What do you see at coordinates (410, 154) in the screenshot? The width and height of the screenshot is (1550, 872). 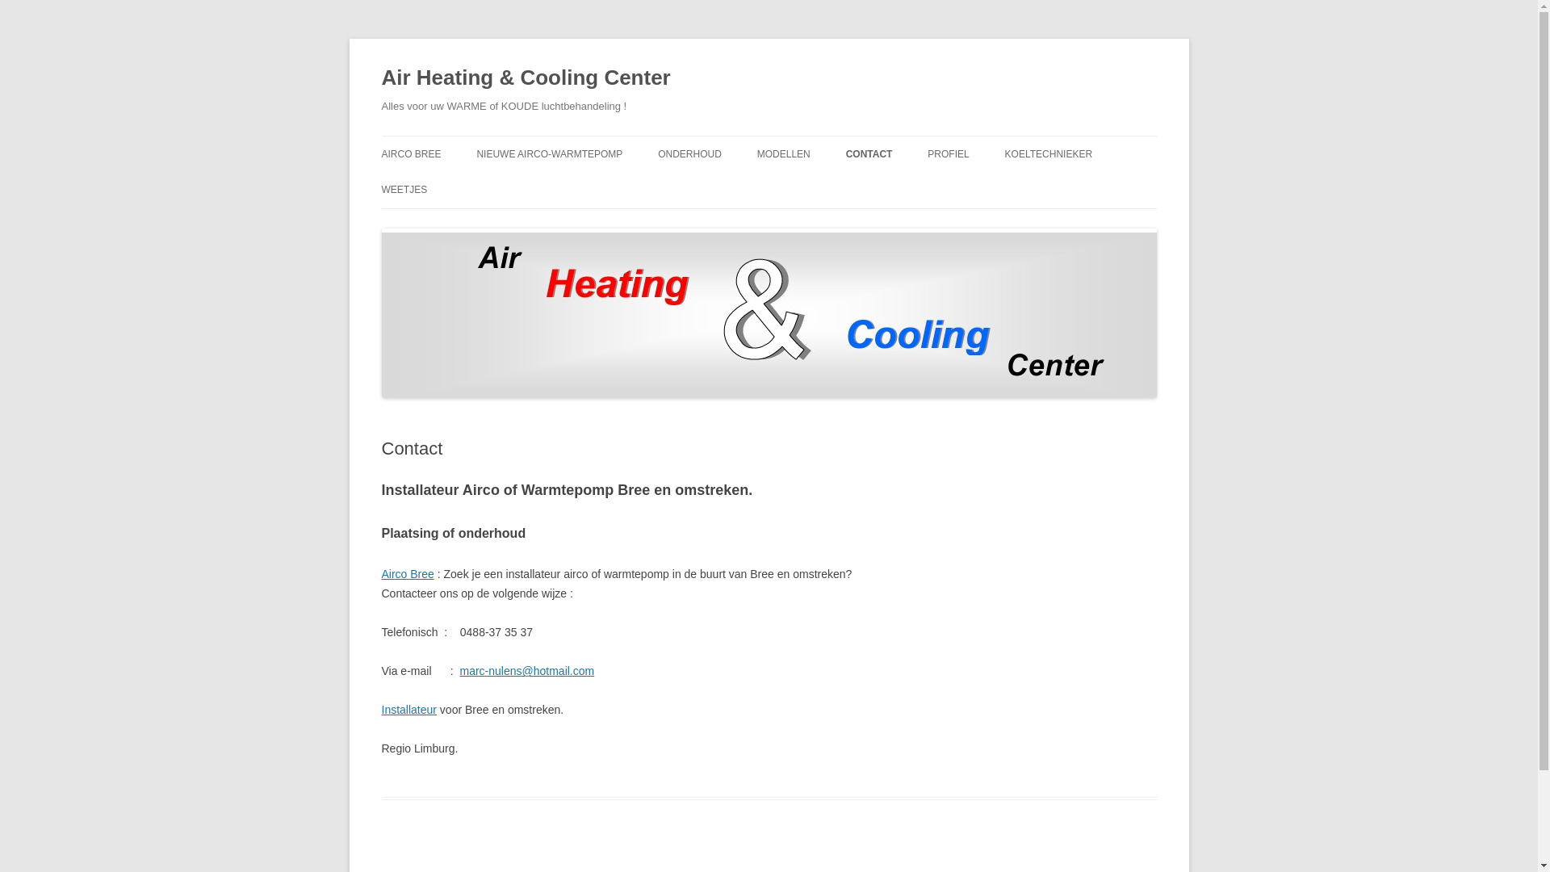 I see `'AIRCO BREE'` at bounding box center [410, 154].